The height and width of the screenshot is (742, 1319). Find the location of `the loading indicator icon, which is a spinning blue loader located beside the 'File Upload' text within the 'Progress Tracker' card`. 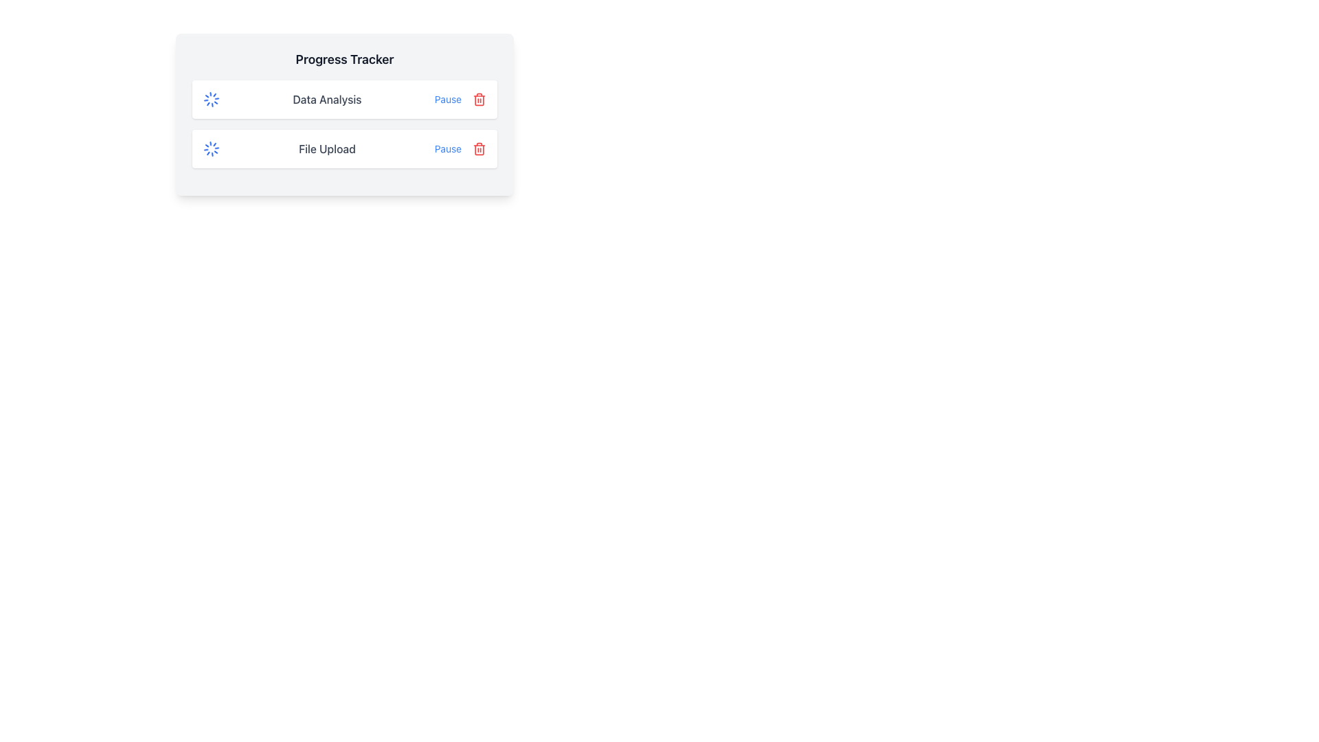

the loading indicator icon, which is a spinning blue loader located beside the 'File Upload' text within the 'Progress Tracker' card is located at coordinates (210, 148).